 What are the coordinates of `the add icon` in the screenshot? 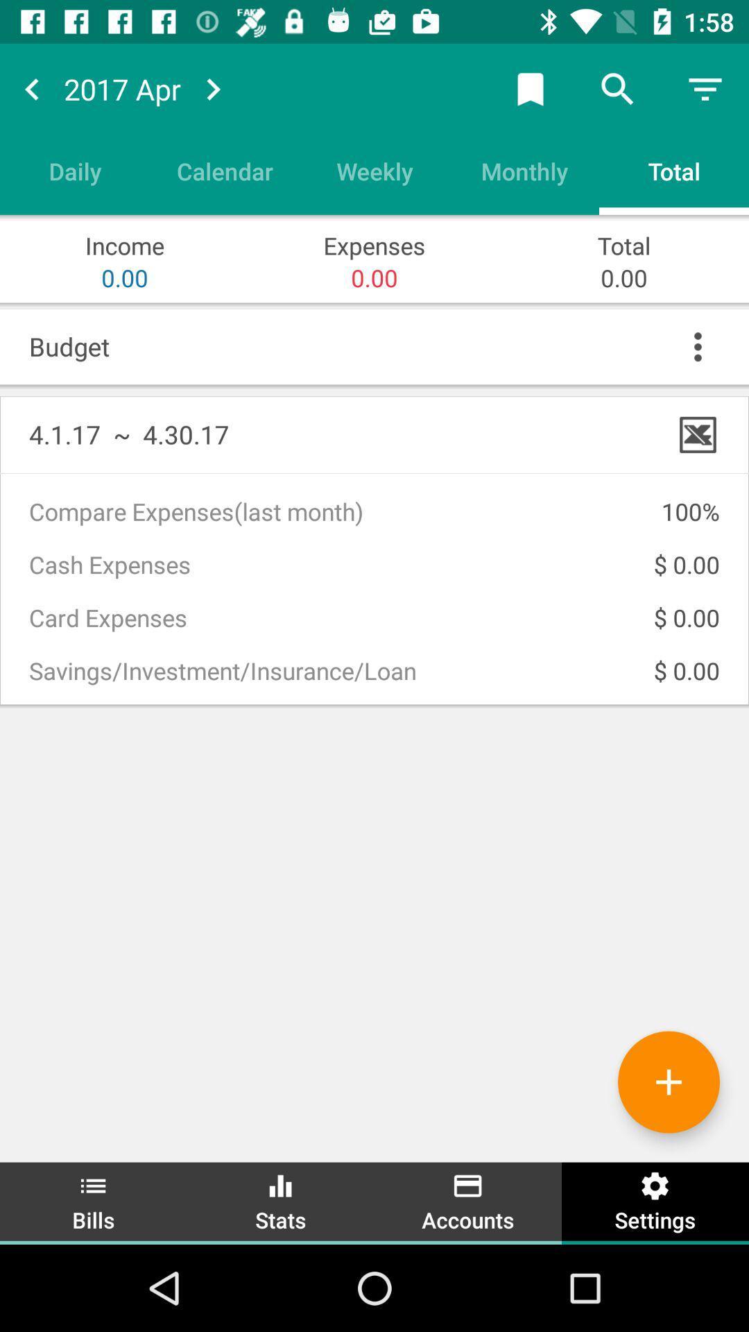 It's located at (689, 1093).